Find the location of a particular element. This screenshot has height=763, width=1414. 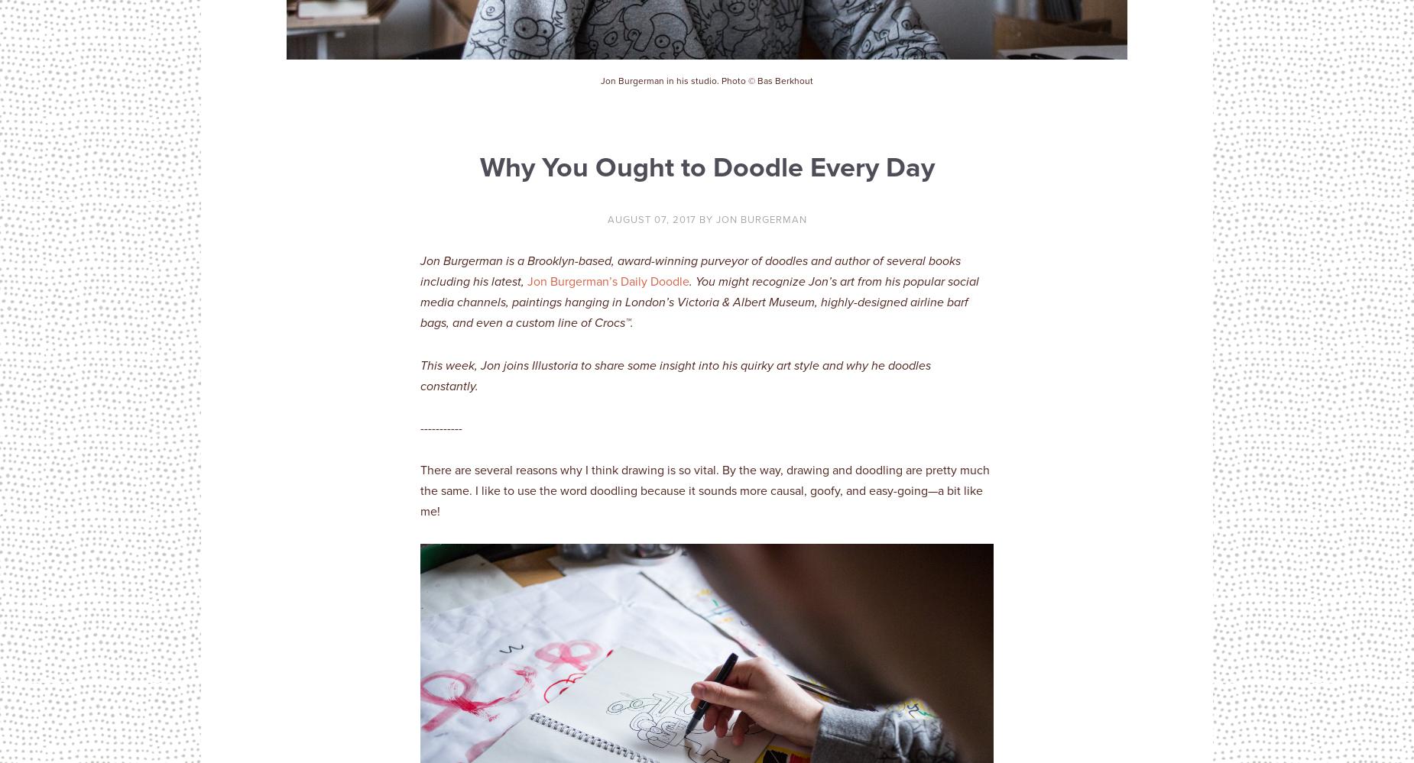

'August 07, 2017' is located at coordinates (650, 218).